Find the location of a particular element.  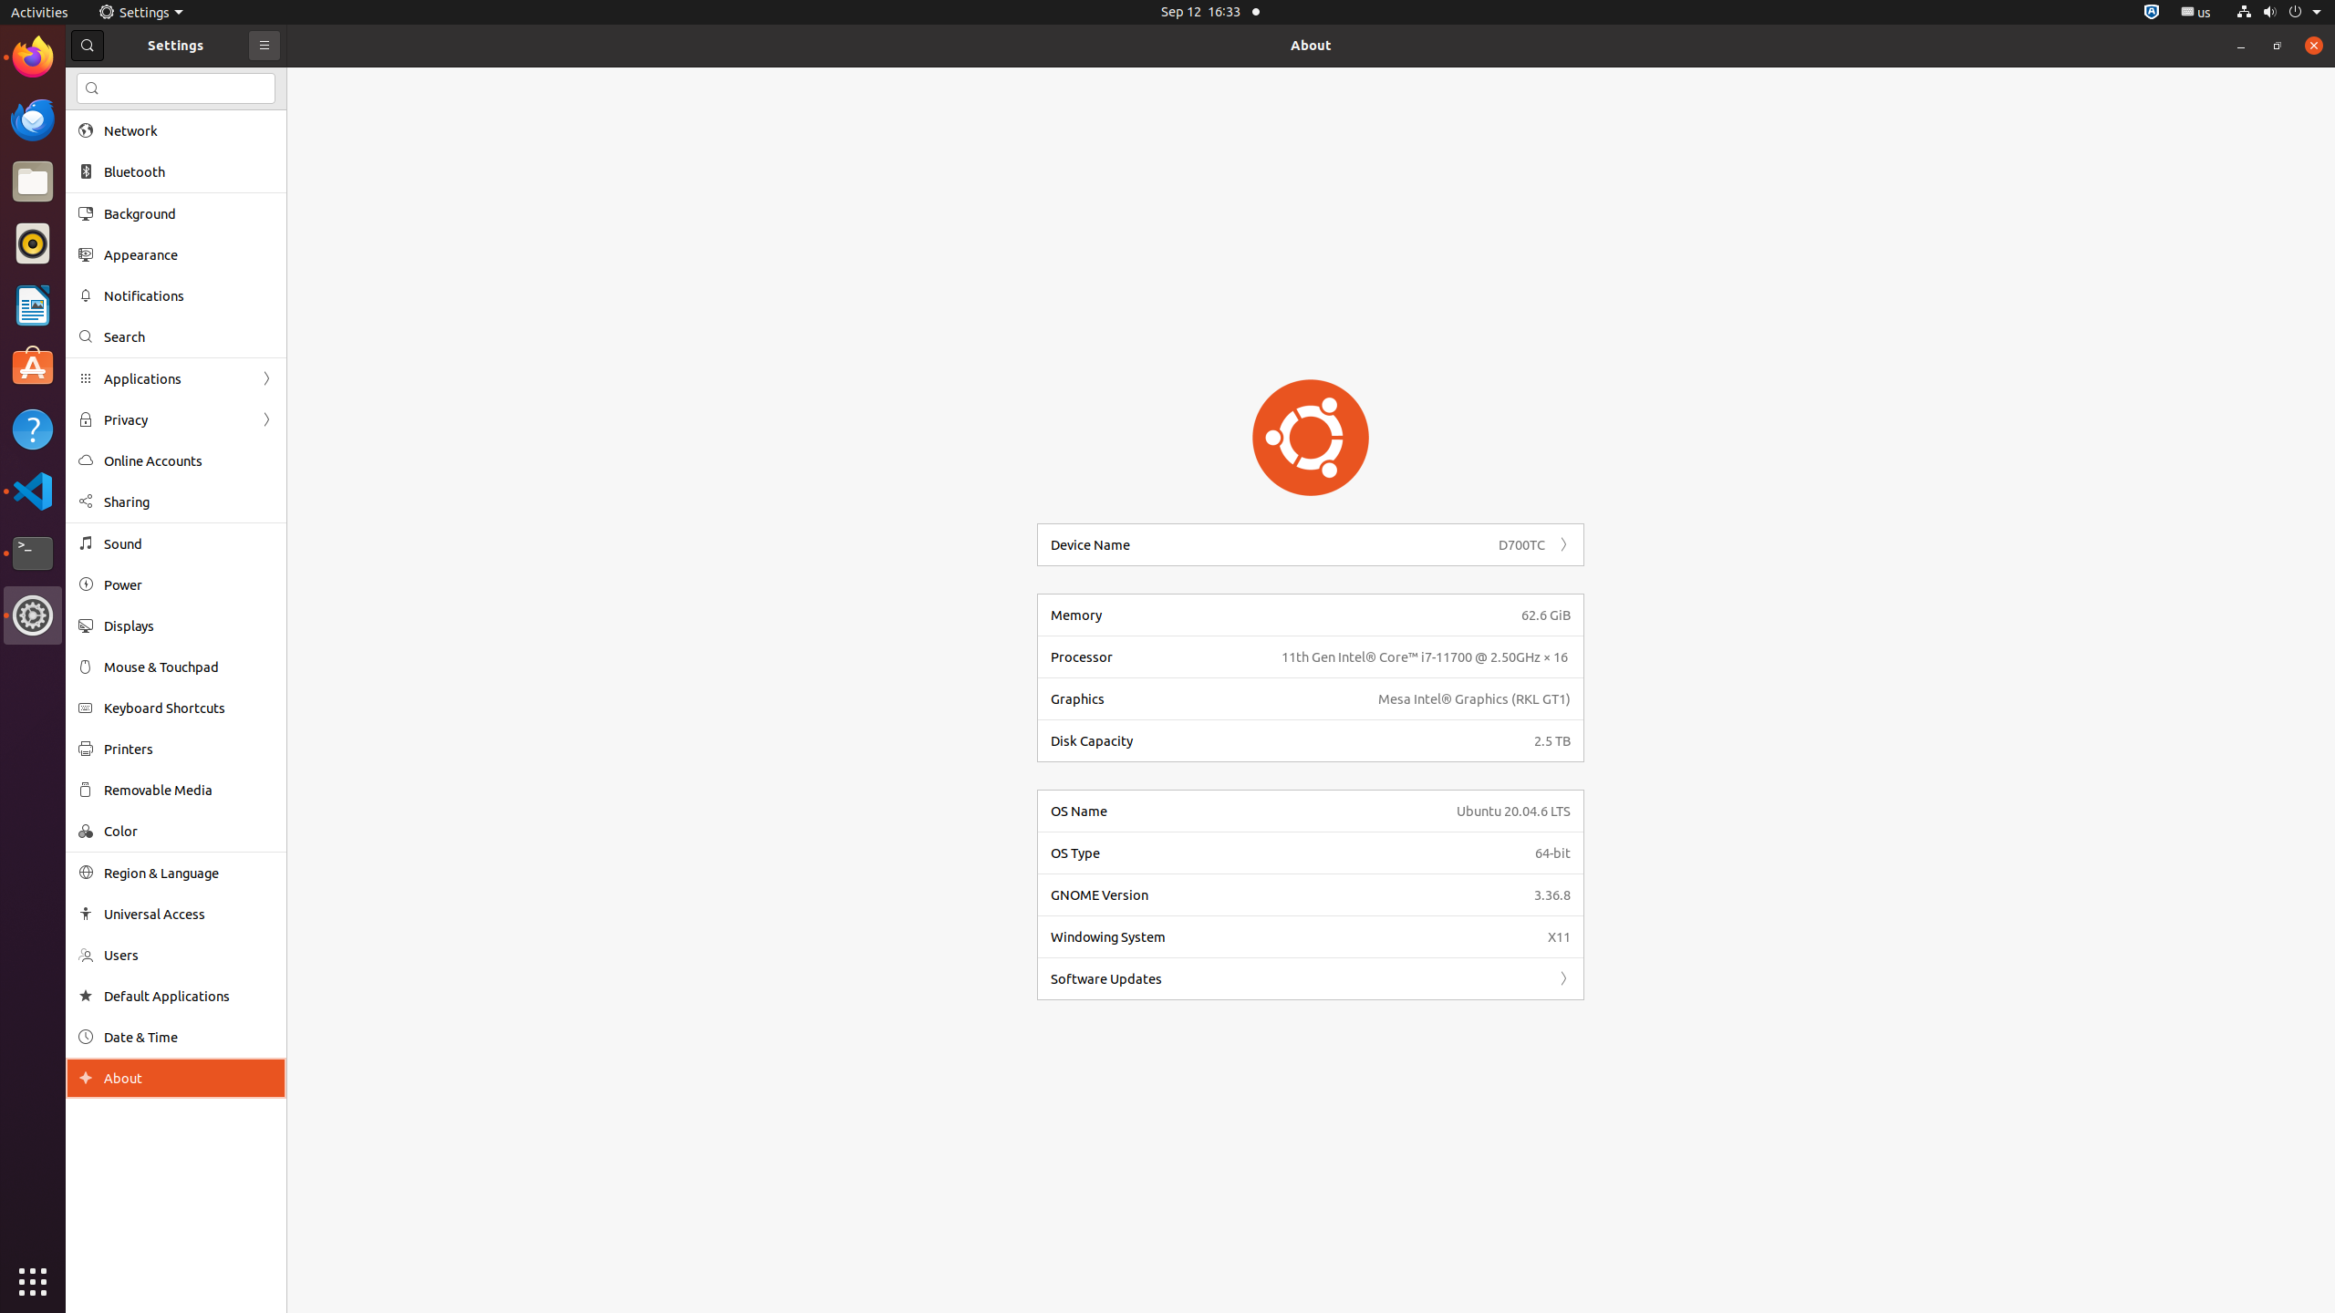

'Memory' is located at coordinates (1279, 615).